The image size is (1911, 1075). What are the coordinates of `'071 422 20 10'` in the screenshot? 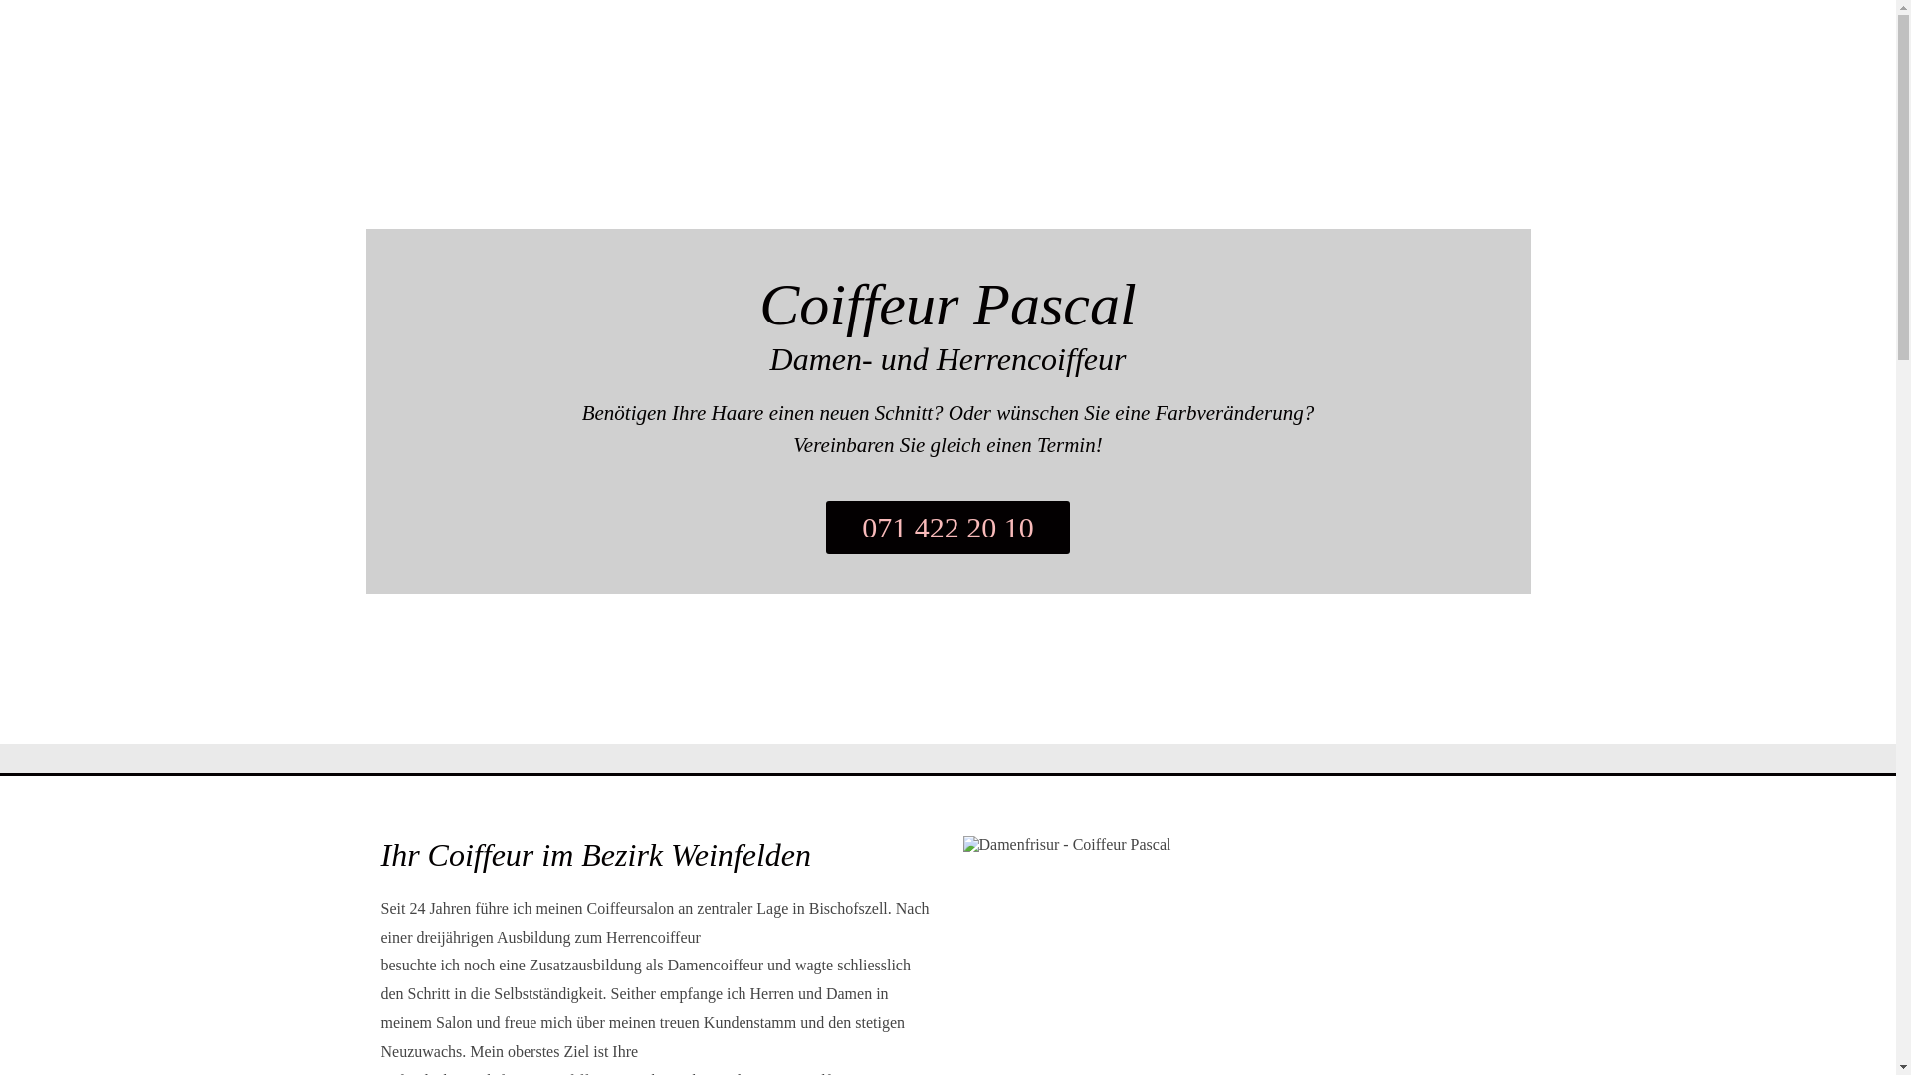 It's located at (826, 526).